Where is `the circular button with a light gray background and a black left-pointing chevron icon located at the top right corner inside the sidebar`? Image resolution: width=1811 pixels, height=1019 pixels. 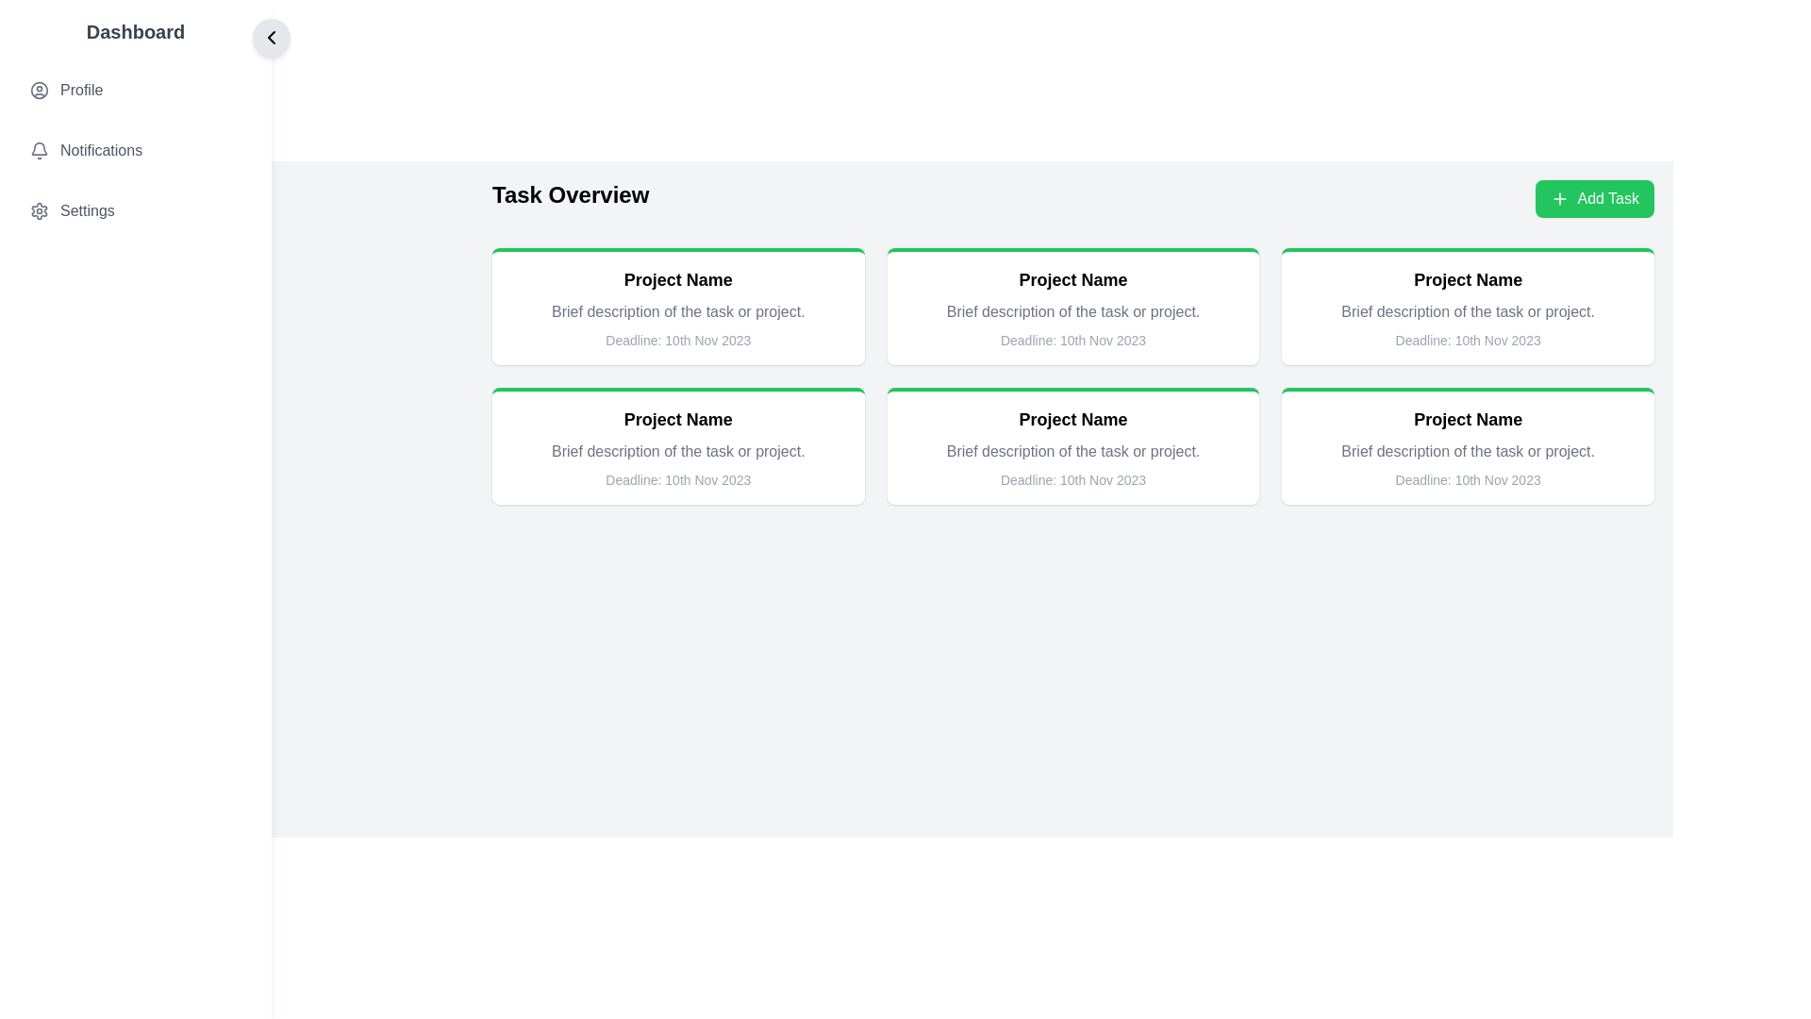
the circular button with a light gray background and a black left-pointing chevron icon located at the top right corner inside the sidebar is located at coordinates (271, 37).